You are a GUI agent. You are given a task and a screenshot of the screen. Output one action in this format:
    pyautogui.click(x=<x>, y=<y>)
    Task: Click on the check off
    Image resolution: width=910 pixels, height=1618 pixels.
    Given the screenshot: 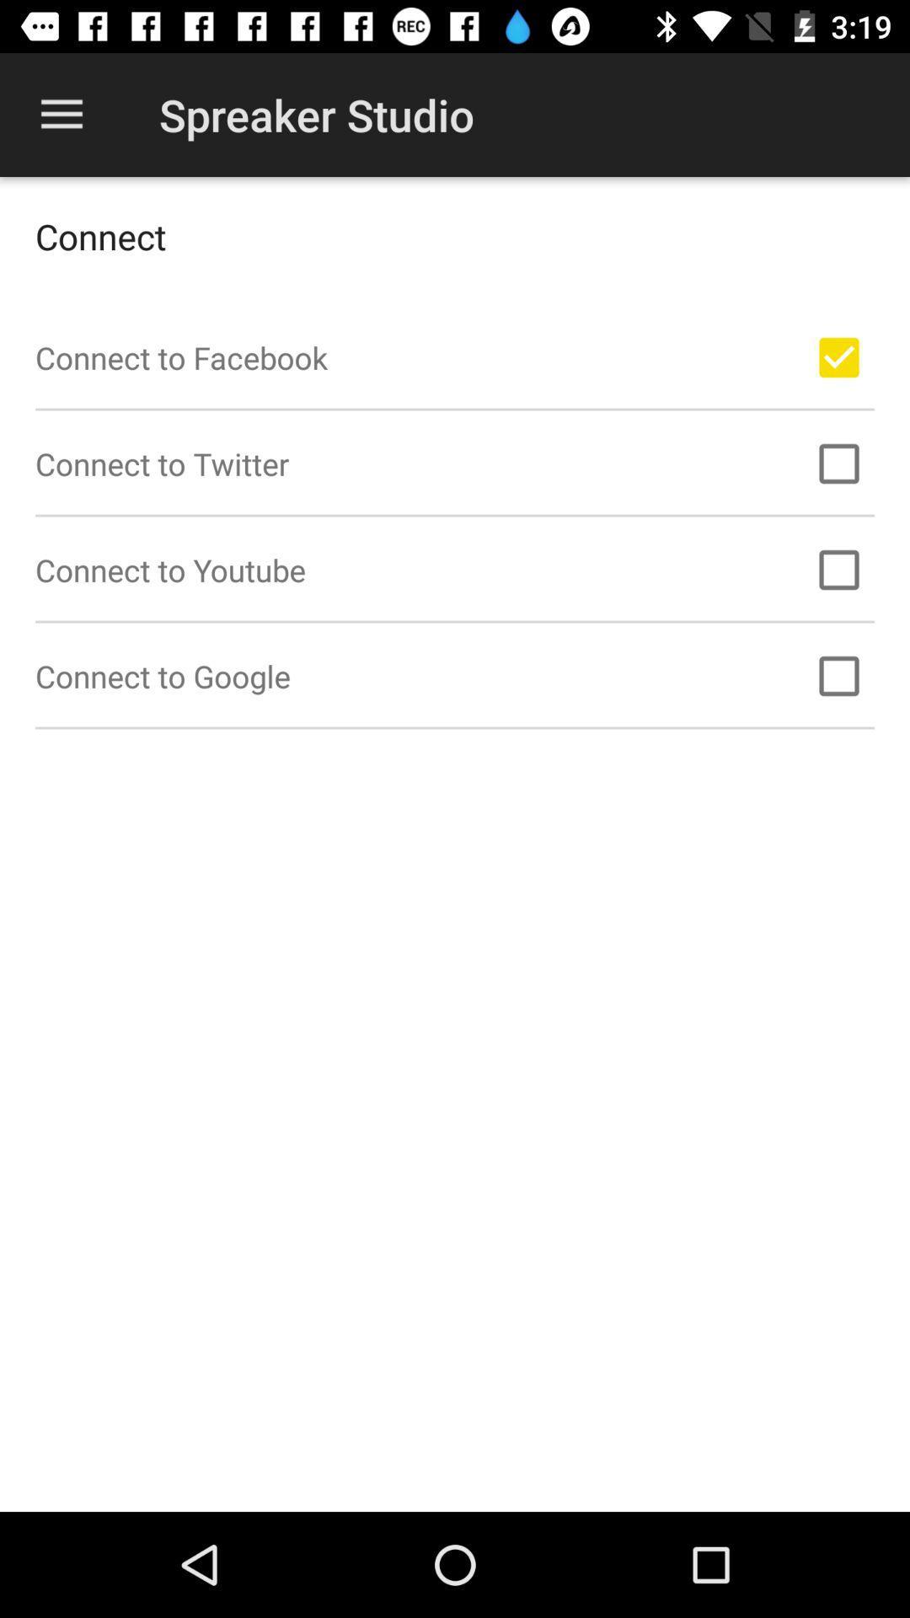 What is the action you would take?
    pyautogui.click(x=838, y=676)
    